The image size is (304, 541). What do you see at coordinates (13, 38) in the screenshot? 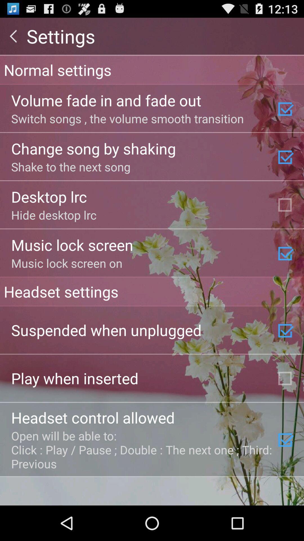
I see `the arrow_backward icon` at bounding box center [13, 38].